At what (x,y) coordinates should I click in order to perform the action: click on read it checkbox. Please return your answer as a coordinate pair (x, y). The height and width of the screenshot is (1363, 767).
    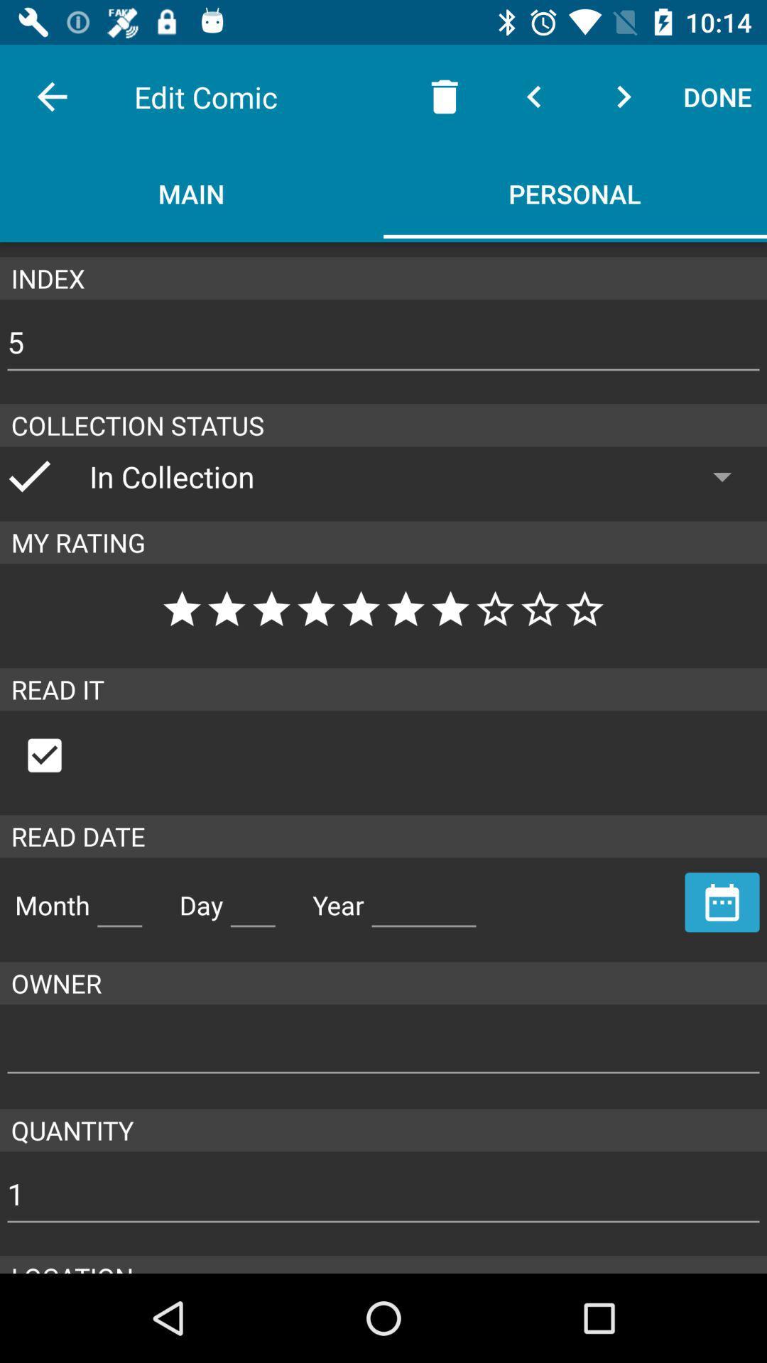
    Looking at the image, I should click on (59, 755).